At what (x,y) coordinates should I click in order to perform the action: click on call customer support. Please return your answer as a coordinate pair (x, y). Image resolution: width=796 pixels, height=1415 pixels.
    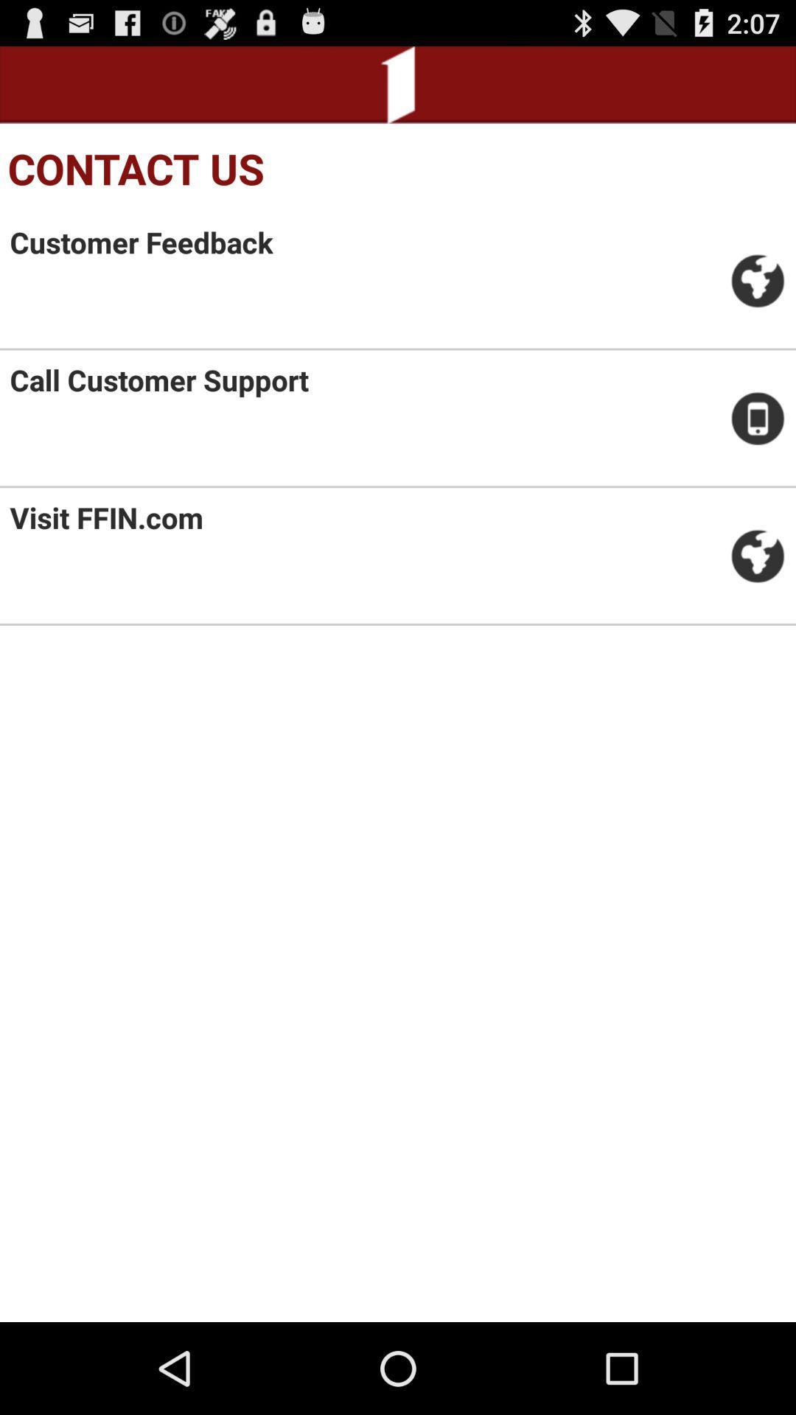
    Looking at the image, I should click on (159, 380).